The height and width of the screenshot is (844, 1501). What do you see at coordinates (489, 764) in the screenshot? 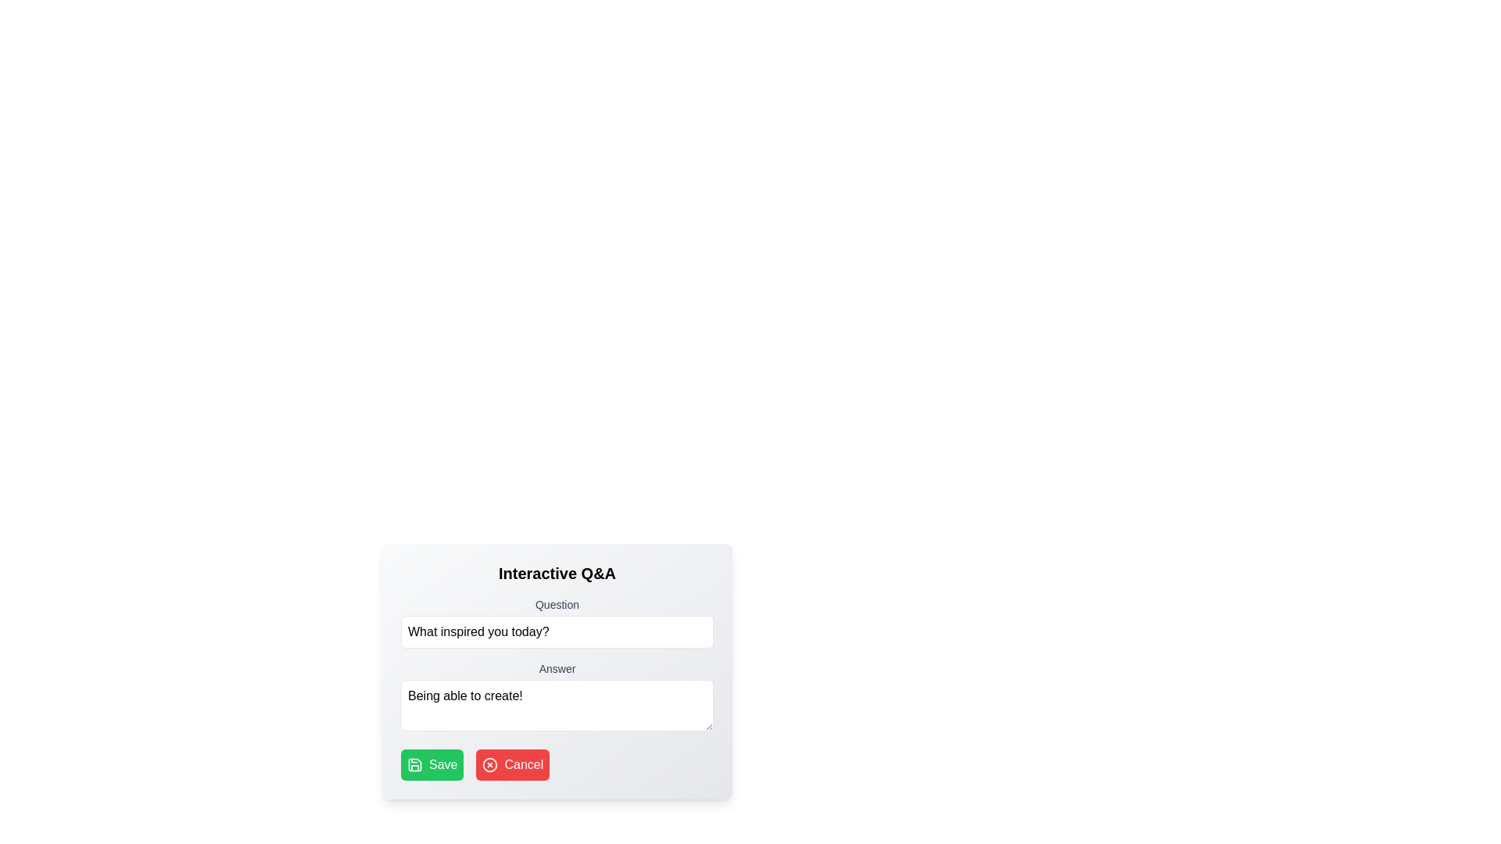
I see `the visual representation of the cancel icon located at the left side of the 'Cancel' text within the button in the bottom-right corner of the main interactive form` at bounding box center [489, 764].